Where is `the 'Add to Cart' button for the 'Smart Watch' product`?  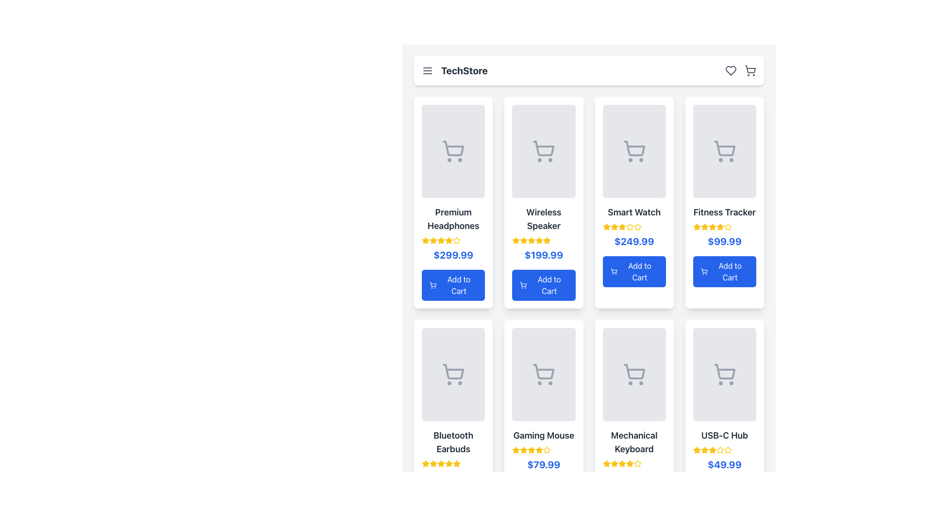 the 'Add to Cart' button for the 'Smart Watch' product is located at coordinates (613, 271).